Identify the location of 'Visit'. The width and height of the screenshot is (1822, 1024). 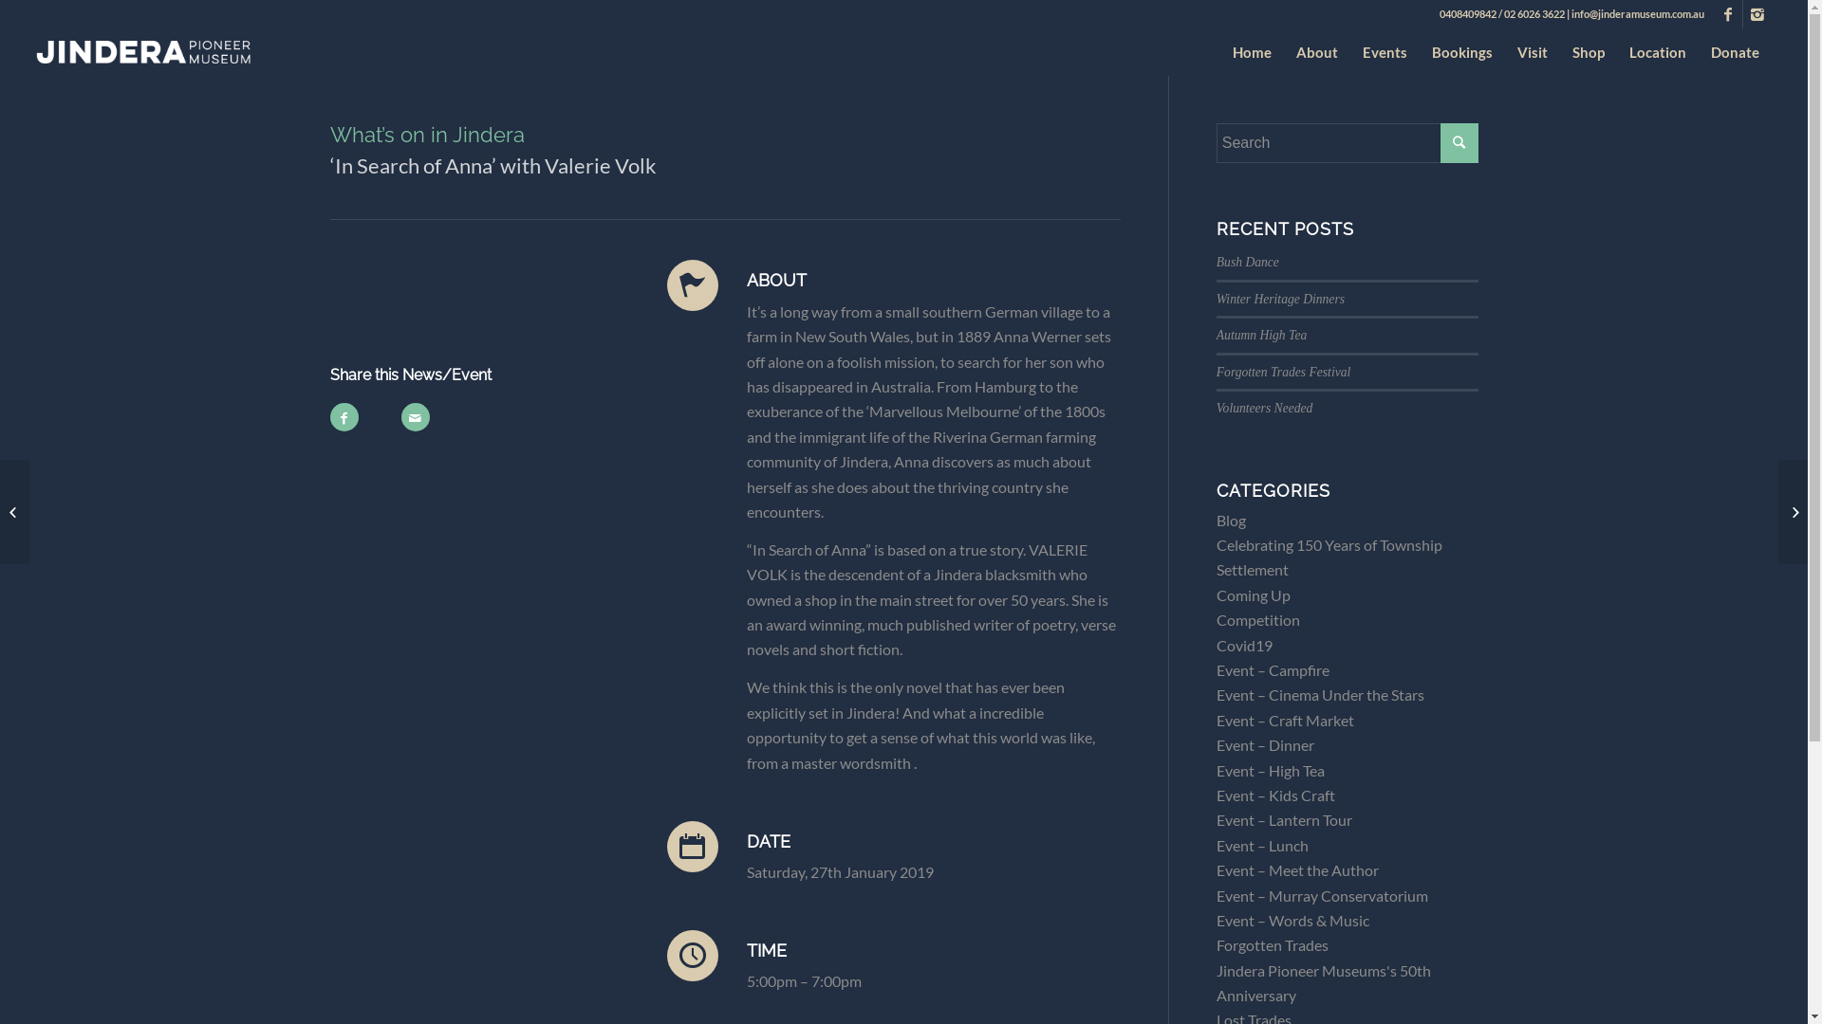
(1532, 50).